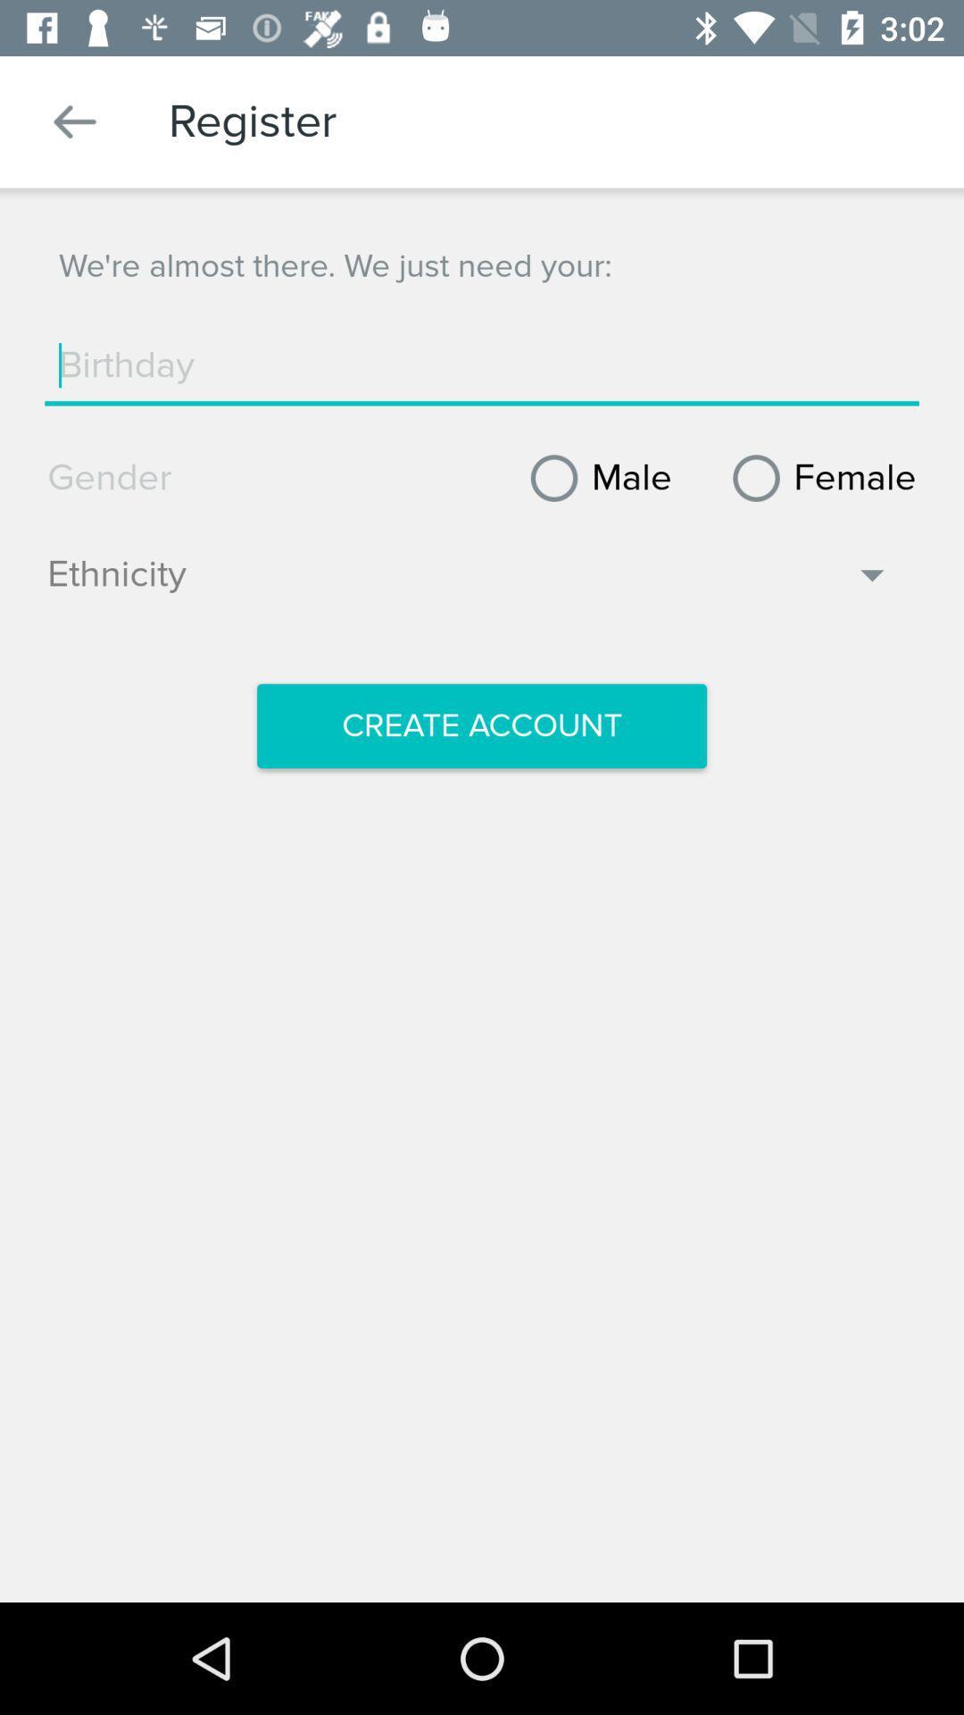  I want to click on open ethnicity menu, so click(469, 583).